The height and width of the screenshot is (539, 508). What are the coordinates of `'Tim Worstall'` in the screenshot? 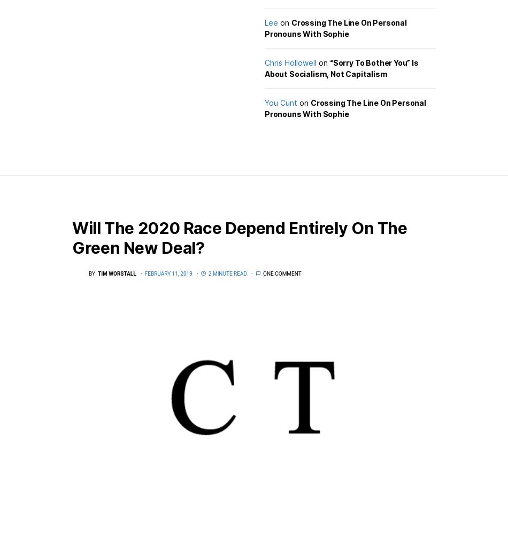 It's located at (117, 274).